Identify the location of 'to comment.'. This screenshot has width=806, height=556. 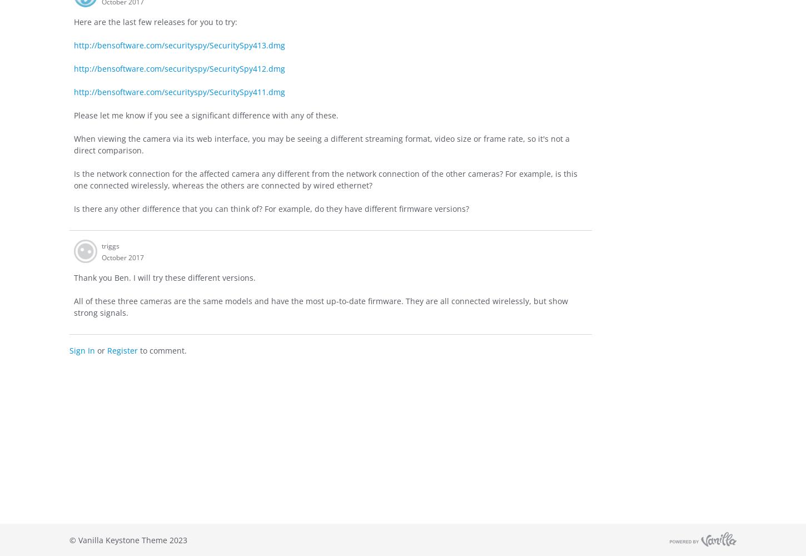
(162, 350).